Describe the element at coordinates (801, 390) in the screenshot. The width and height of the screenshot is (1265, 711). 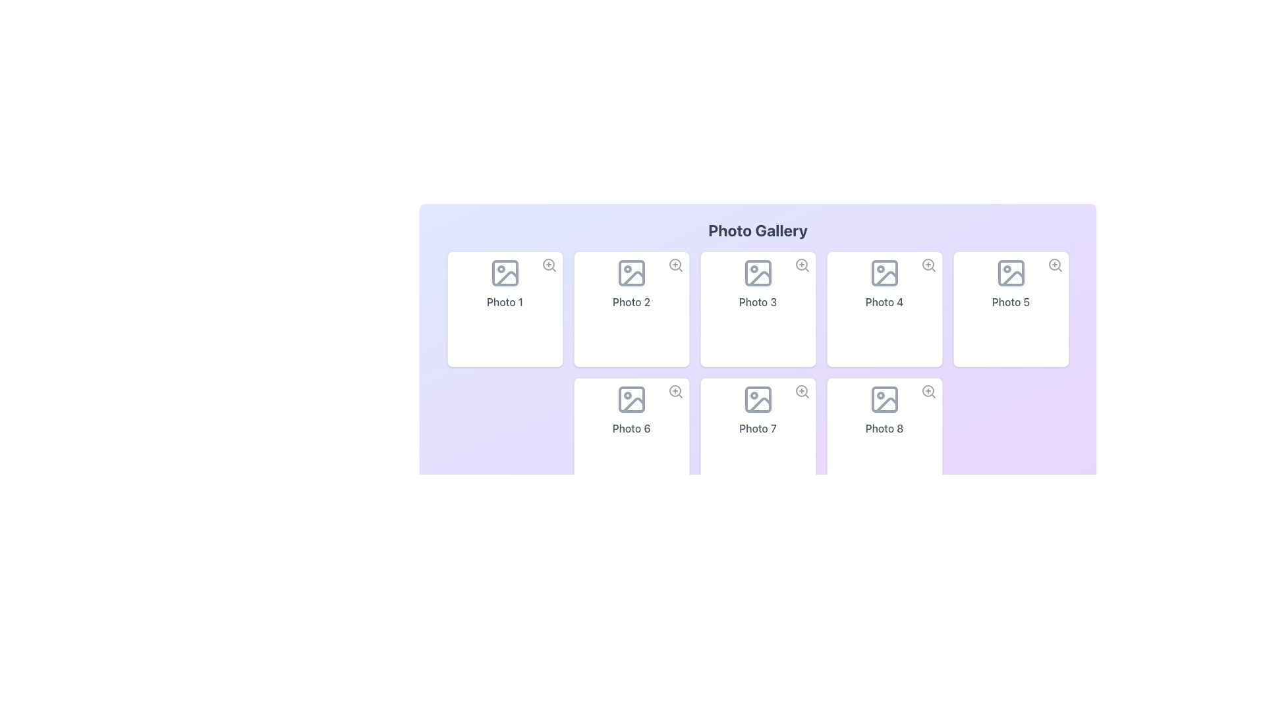
I see `the magnifying glass icon represented by the circle within the SVG graphic located at the bottom-right corner of 'Photo 7' to zoom` at that location.